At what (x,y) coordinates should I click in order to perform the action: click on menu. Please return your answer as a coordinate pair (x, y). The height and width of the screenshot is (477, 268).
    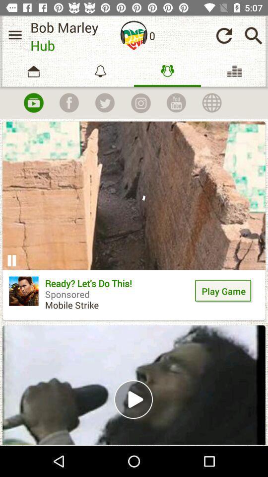
    Looking at the image, I should click on (14, 35).